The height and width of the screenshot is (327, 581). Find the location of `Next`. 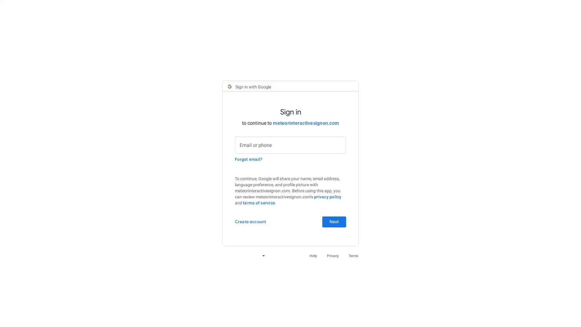

Next is located at coordinates (334, 222).